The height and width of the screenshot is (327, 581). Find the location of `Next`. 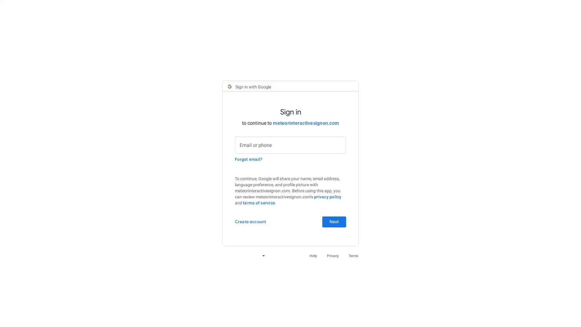

Next is located at coordinates (334, 222).